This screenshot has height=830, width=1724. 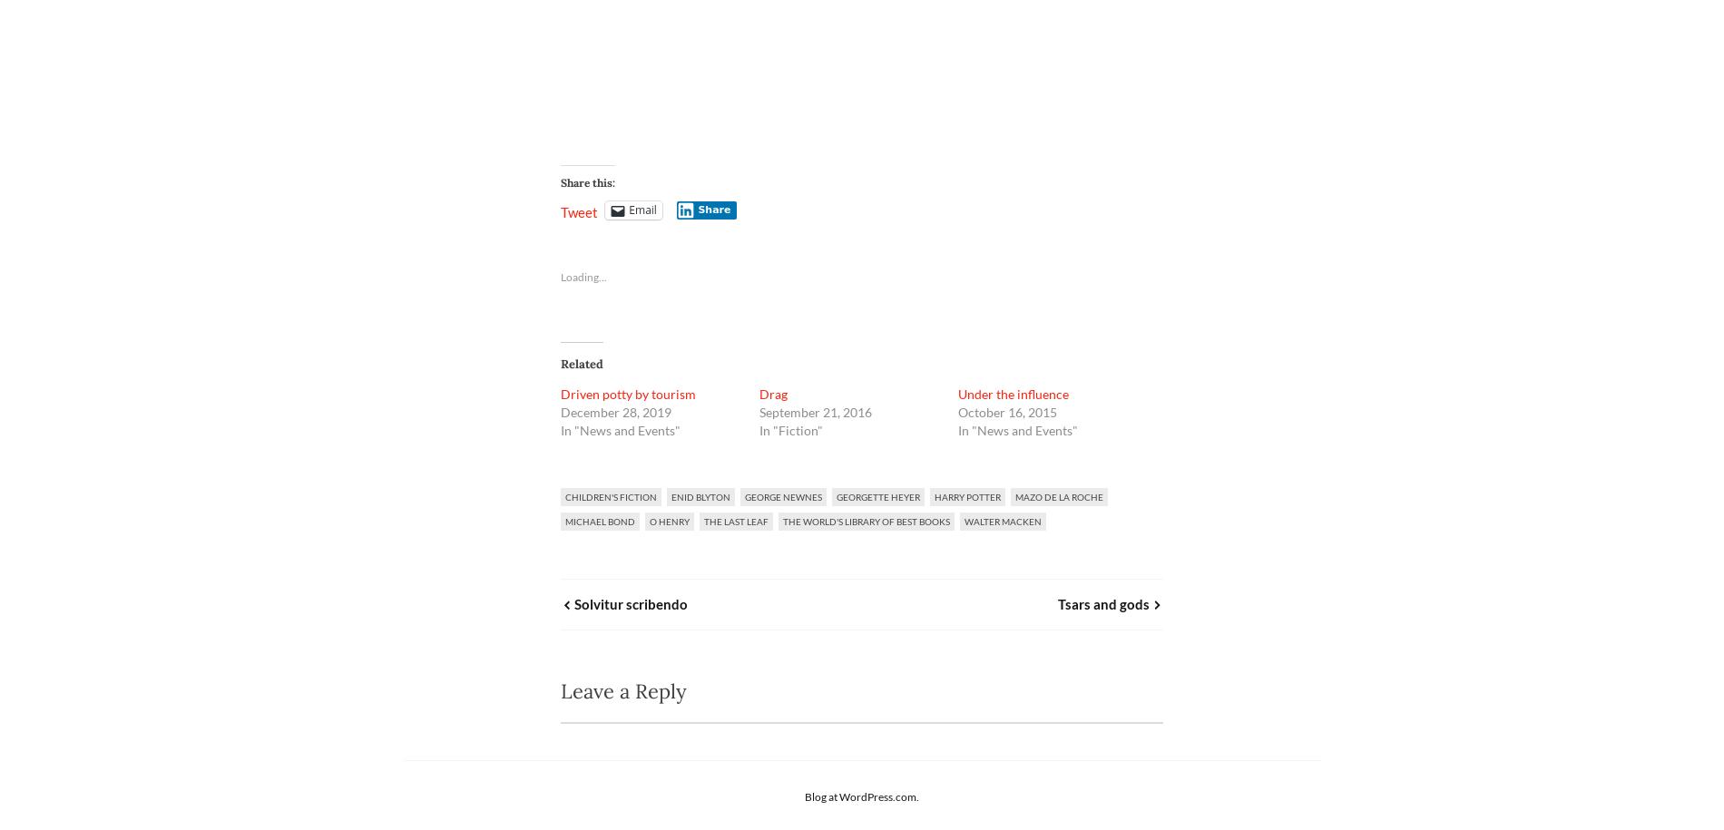 What do you see at coordinates (1014, 495) in the screenshot?
I see `'Mazo de la Roche'` at bounding box center [1014, 495].